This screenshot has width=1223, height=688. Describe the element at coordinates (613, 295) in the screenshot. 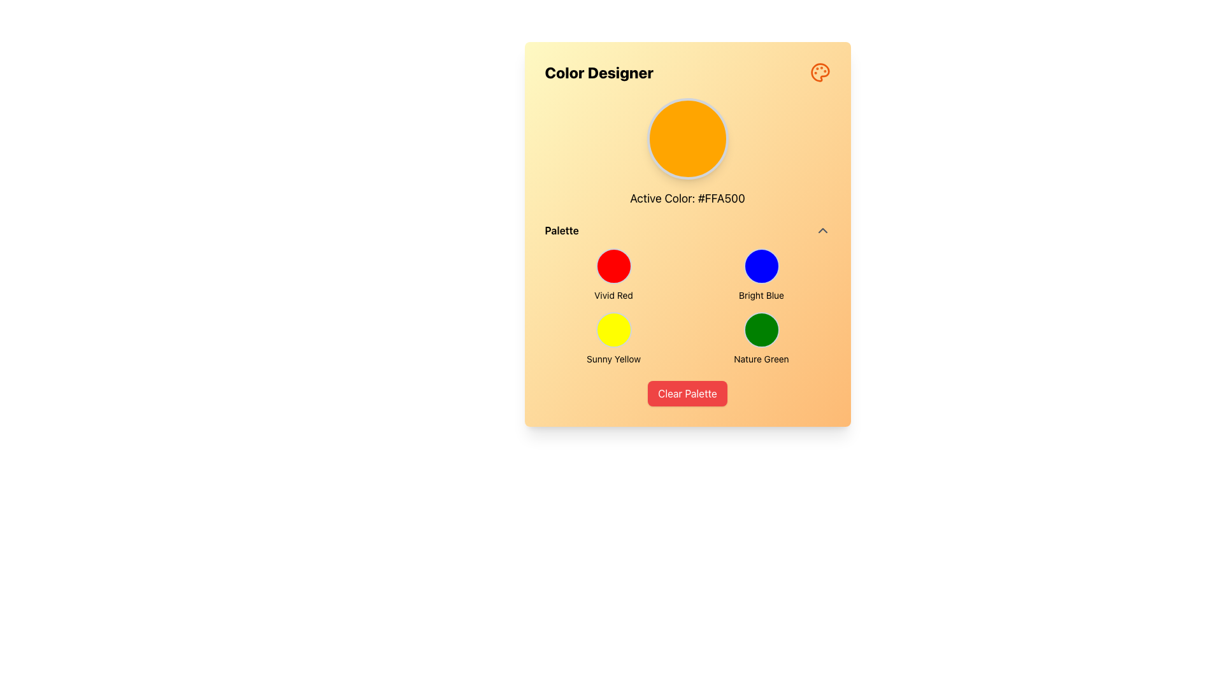

I see `the 'Vivid Red' text label, which serves as a descriptive label for the color option directly beneath the red circular button in the top-left cell of the grid layout` at that location.